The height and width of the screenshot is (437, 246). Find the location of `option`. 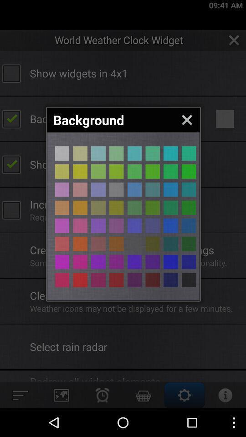

option is located at coordinates (188, 279).